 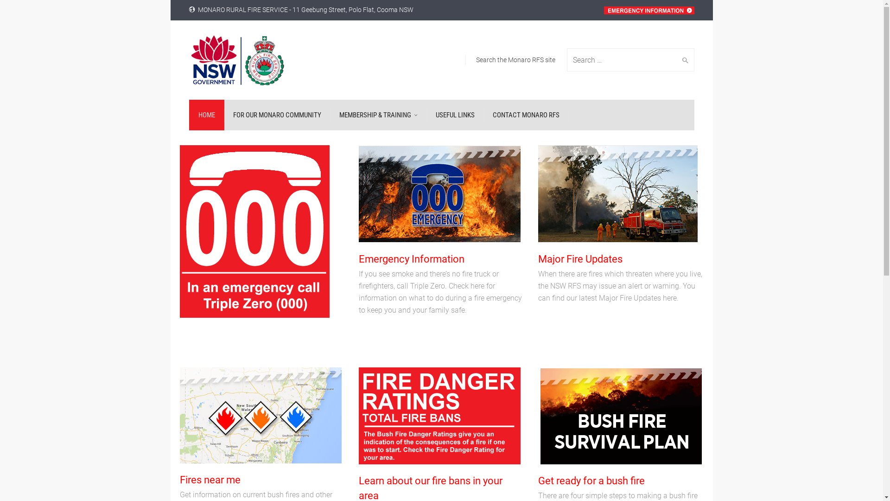 What do you see at coordinates (591, 480) in the screenshot?
I see `'Get ready for a bush fire'` at bounding box center [591, 480].